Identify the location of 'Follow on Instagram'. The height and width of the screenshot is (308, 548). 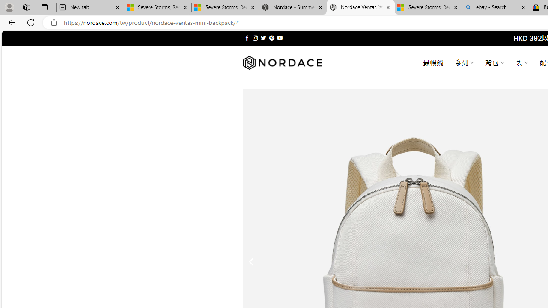
(255, 38).